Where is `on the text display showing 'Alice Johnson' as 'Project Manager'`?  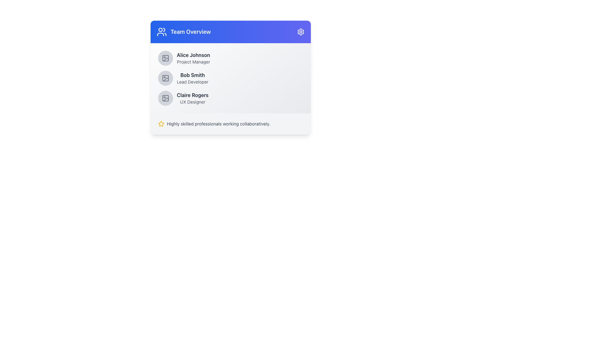
on the text display showing 'Alice Johnson' as 'Project Manager' is located at coordinates (193, 58).